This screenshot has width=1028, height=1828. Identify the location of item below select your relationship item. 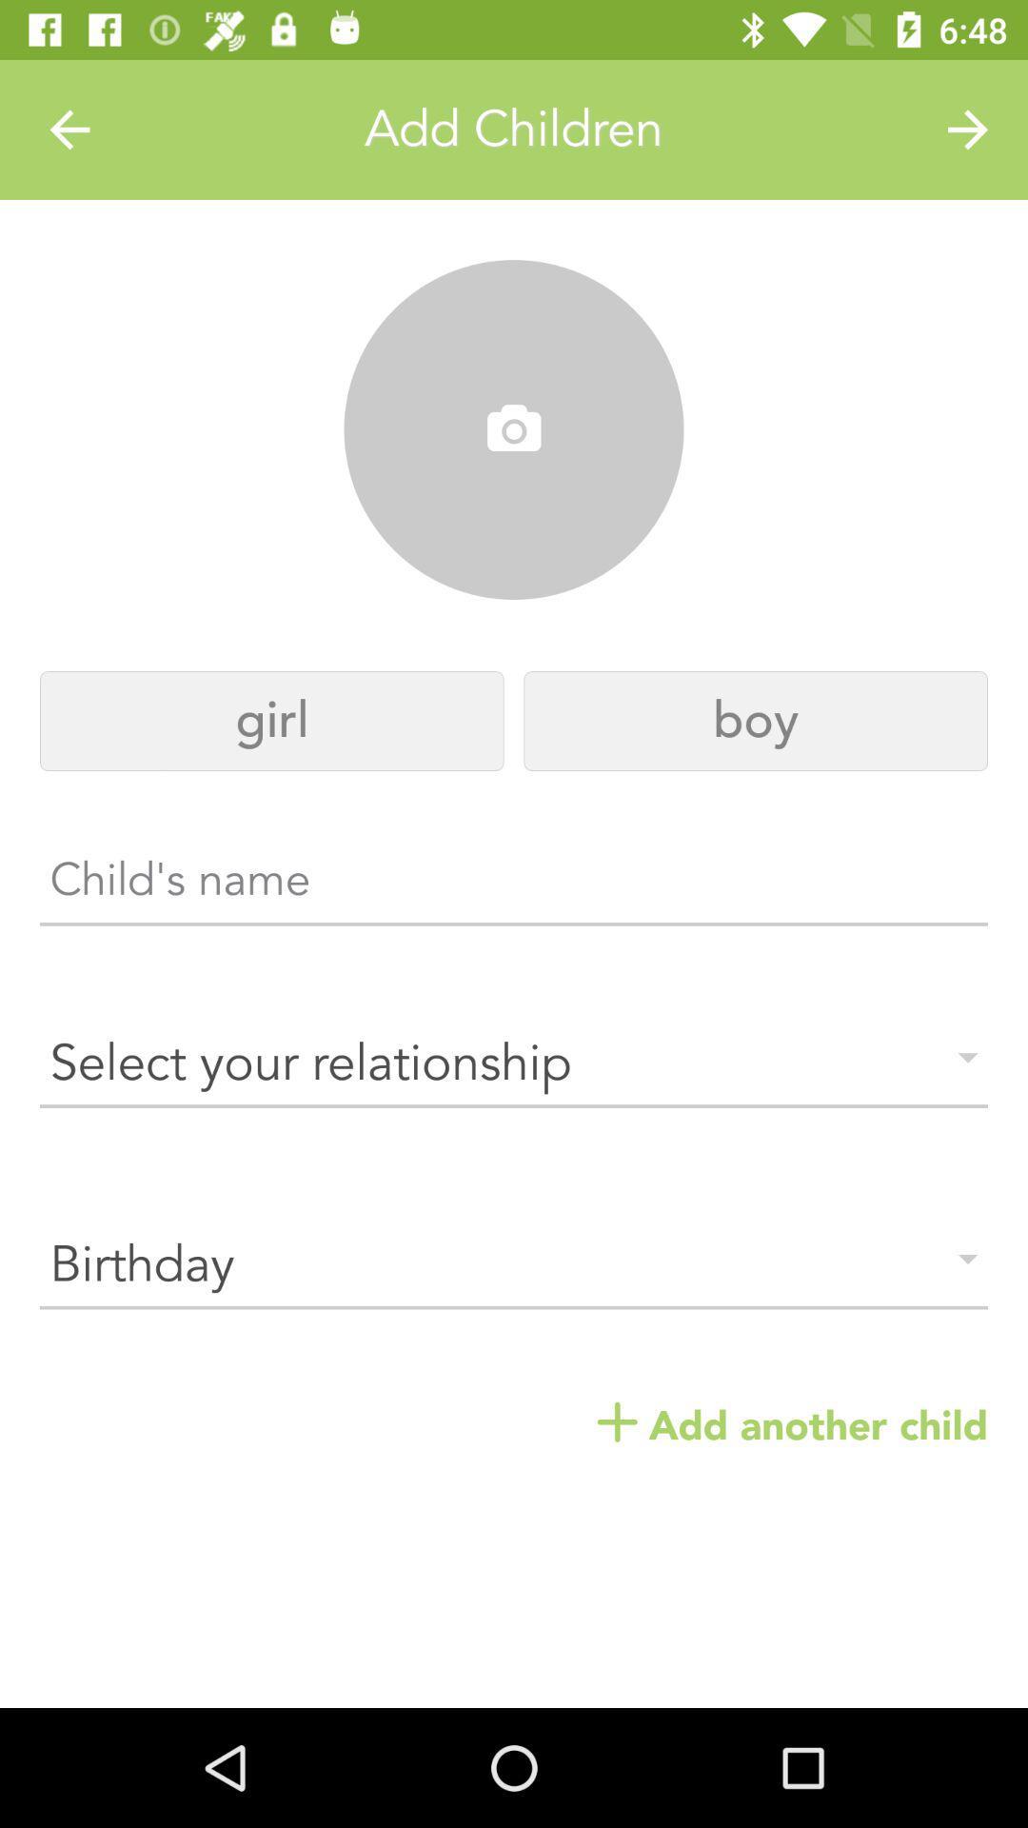
(514, 1265).